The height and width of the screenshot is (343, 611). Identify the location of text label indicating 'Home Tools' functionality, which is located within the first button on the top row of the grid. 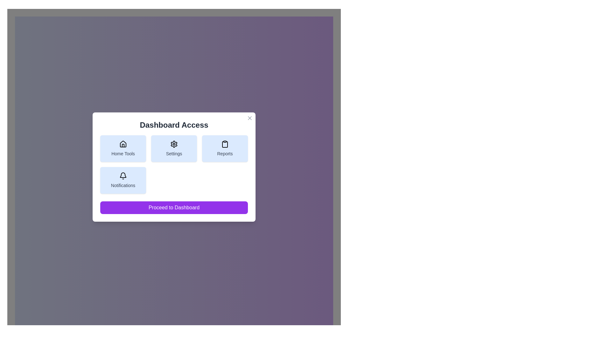
(123, 153).